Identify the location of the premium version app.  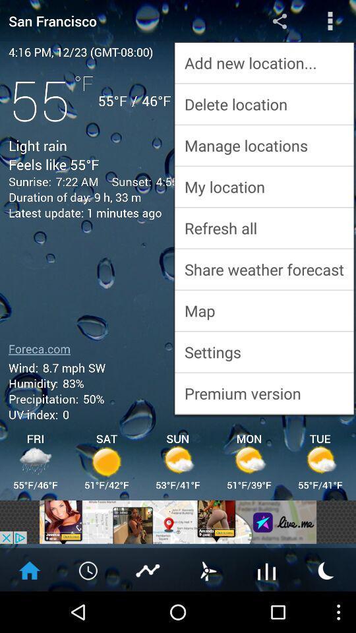
(264, 393).